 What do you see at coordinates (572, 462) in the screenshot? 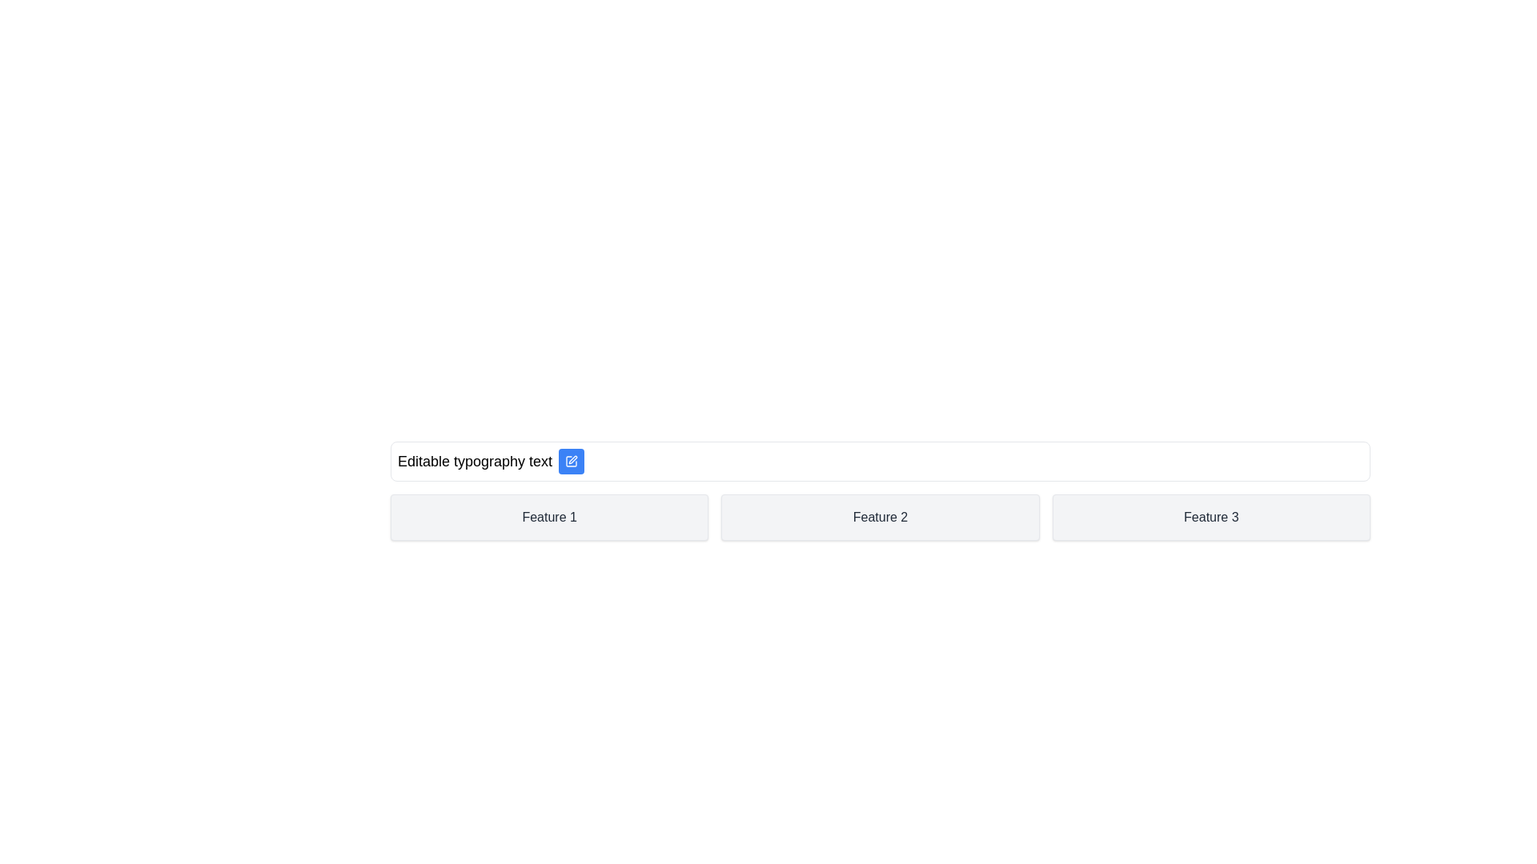
I see `the Decorative vector icon, which resembles a pen-like edit icon, to invoke edit-related actions if it is interactive` at bounding box center [572, 462].